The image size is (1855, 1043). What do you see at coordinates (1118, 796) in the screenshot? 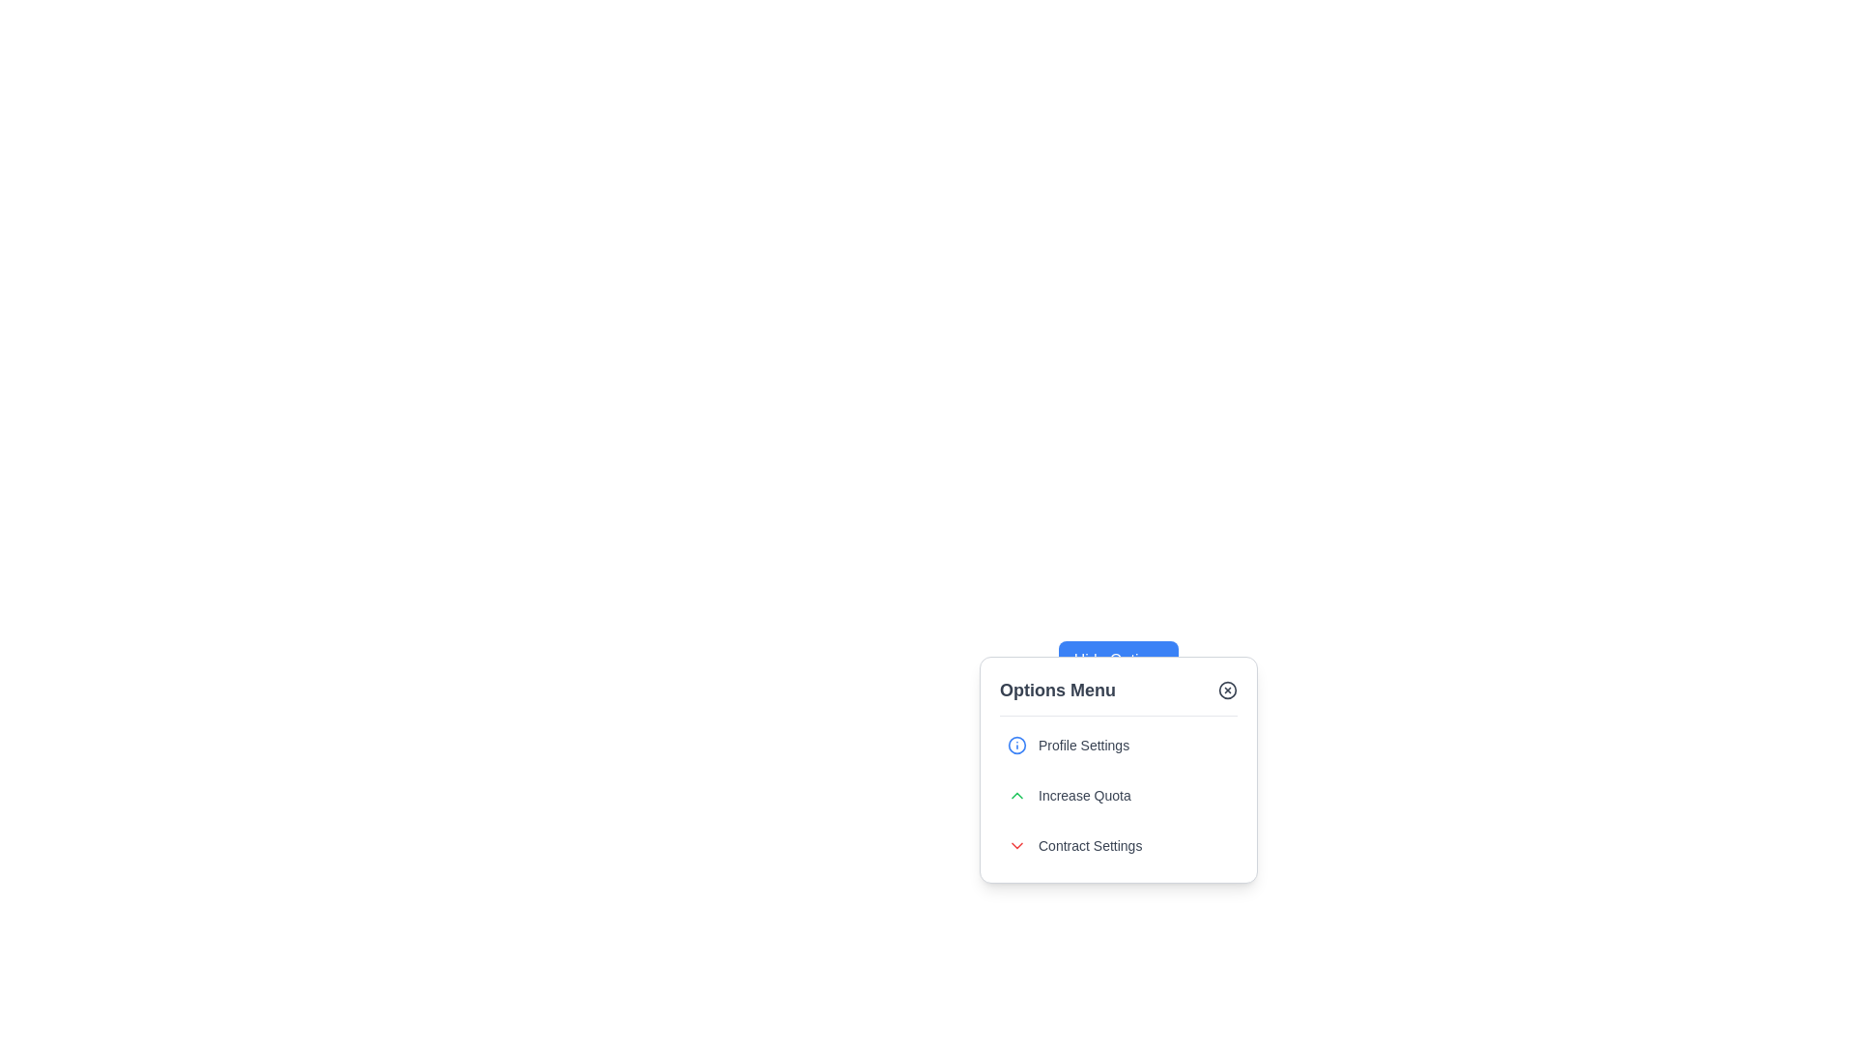
I see `the list of clickable options within the dropdown menu located below the 'Options Menu' title for keyboard navigation` at bounding box center [1118, 796].